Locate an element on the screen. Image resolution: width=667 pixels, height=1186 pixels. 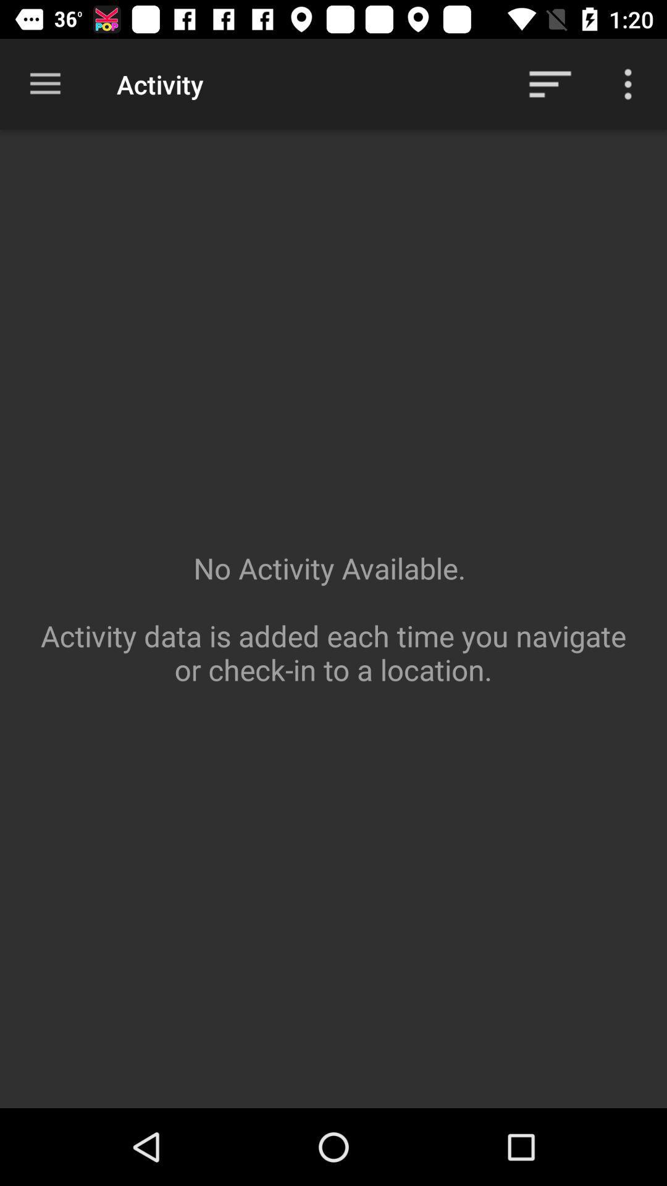
the item above the no activity available icon is located at coordinates (628, 83).